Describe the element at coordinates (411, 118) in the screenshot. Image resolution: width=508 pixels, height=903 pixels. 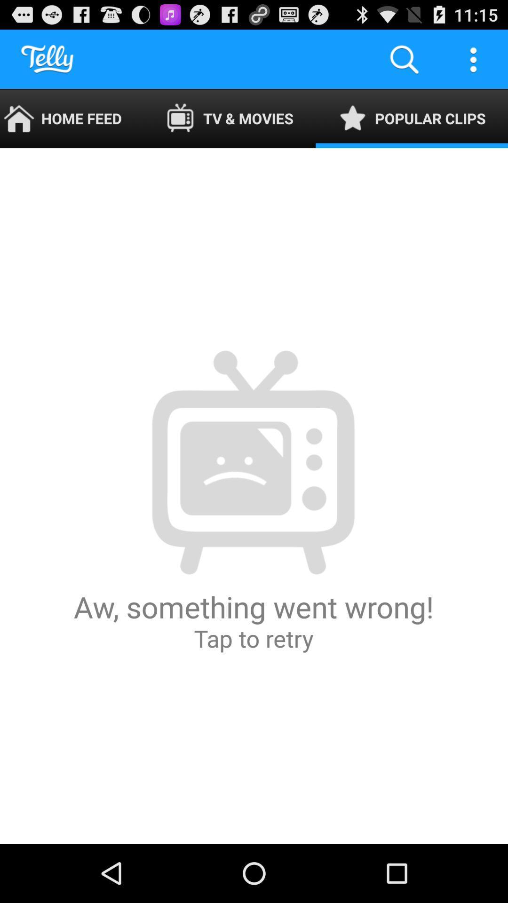
I see `app next to the tv & movies item` at that location.